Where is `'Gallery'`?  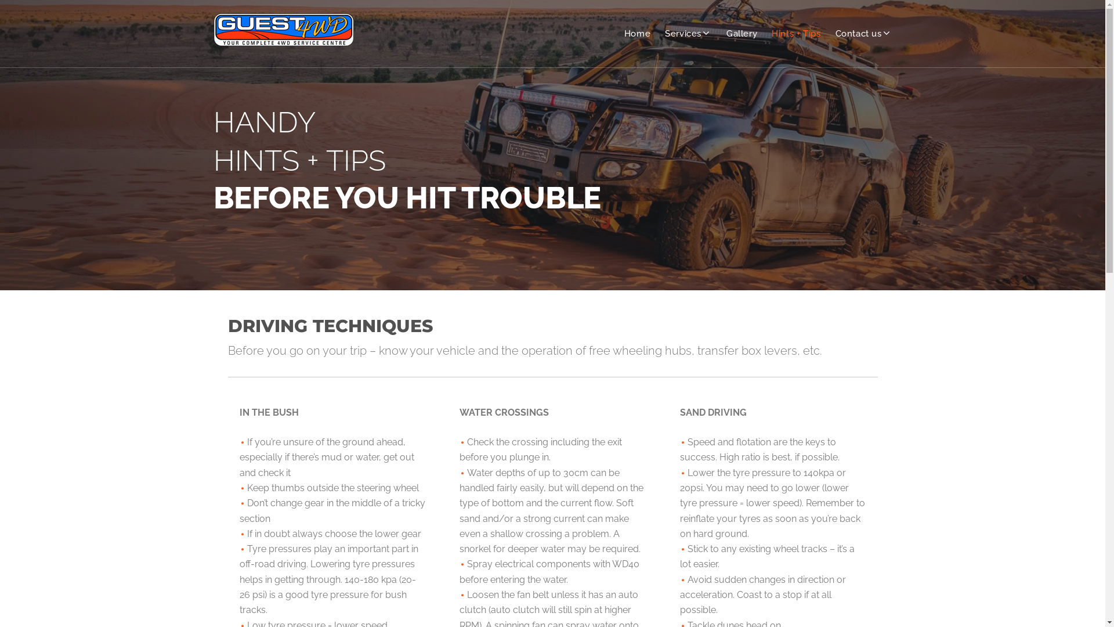
'Gallery' is located at coordinates (741, 33).